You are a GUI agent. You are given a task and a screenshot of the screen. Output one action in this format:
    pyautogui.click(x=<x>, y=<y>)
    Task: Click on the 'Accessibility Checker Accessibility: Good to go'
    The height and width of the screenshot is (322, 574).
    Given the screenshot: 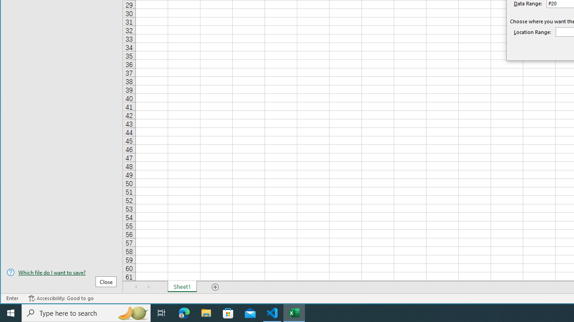 What is the action you would take?
    pyautogui.click(x=61, y=298)
    